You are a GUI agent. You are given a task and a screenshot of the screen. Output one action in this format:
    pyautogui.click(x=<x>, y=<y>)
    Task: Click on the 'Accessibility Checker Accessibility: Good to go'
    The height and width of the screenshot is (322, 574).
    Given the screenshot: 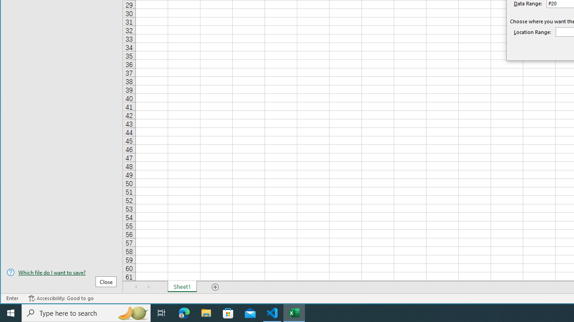 What is the action you would take?
    pyautogui.click(x=61, y=298)
    